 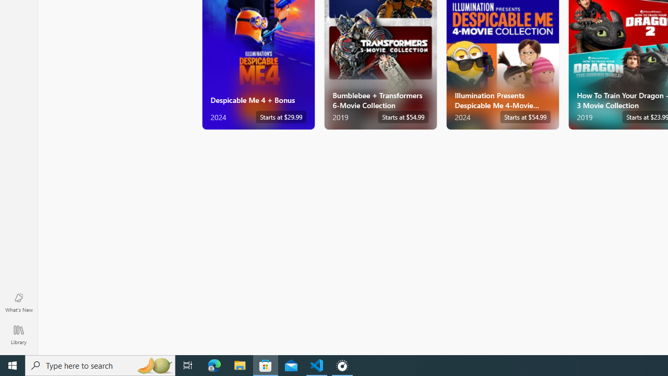 What do you see at coordinates (18, 334) in the screenshot?
I see `'Library'` at bounding box center [18, 334].